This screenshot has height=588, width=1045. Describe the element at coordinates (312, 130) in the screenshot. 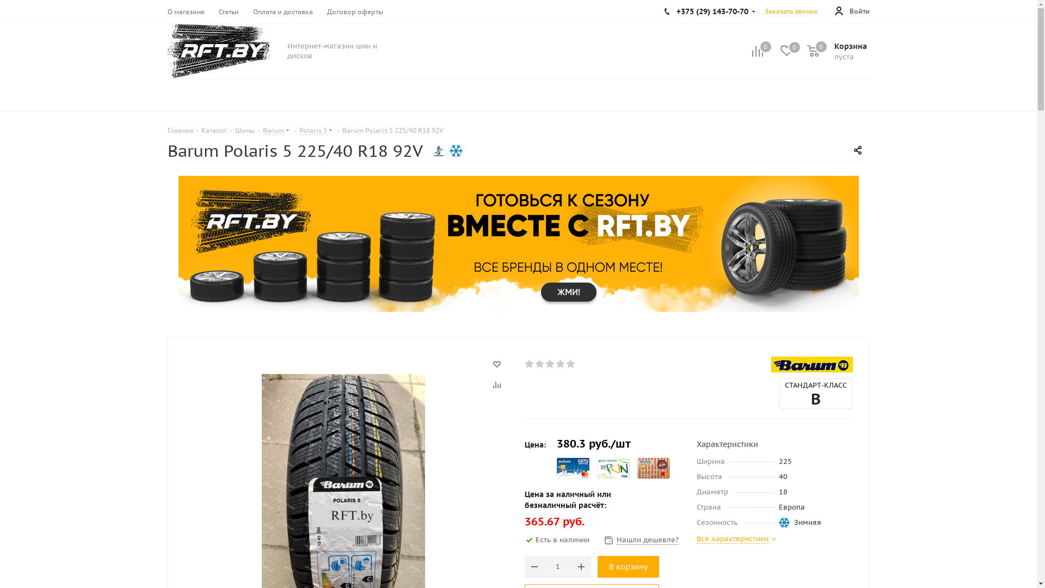

I see `'Polaris 5'` at that location.